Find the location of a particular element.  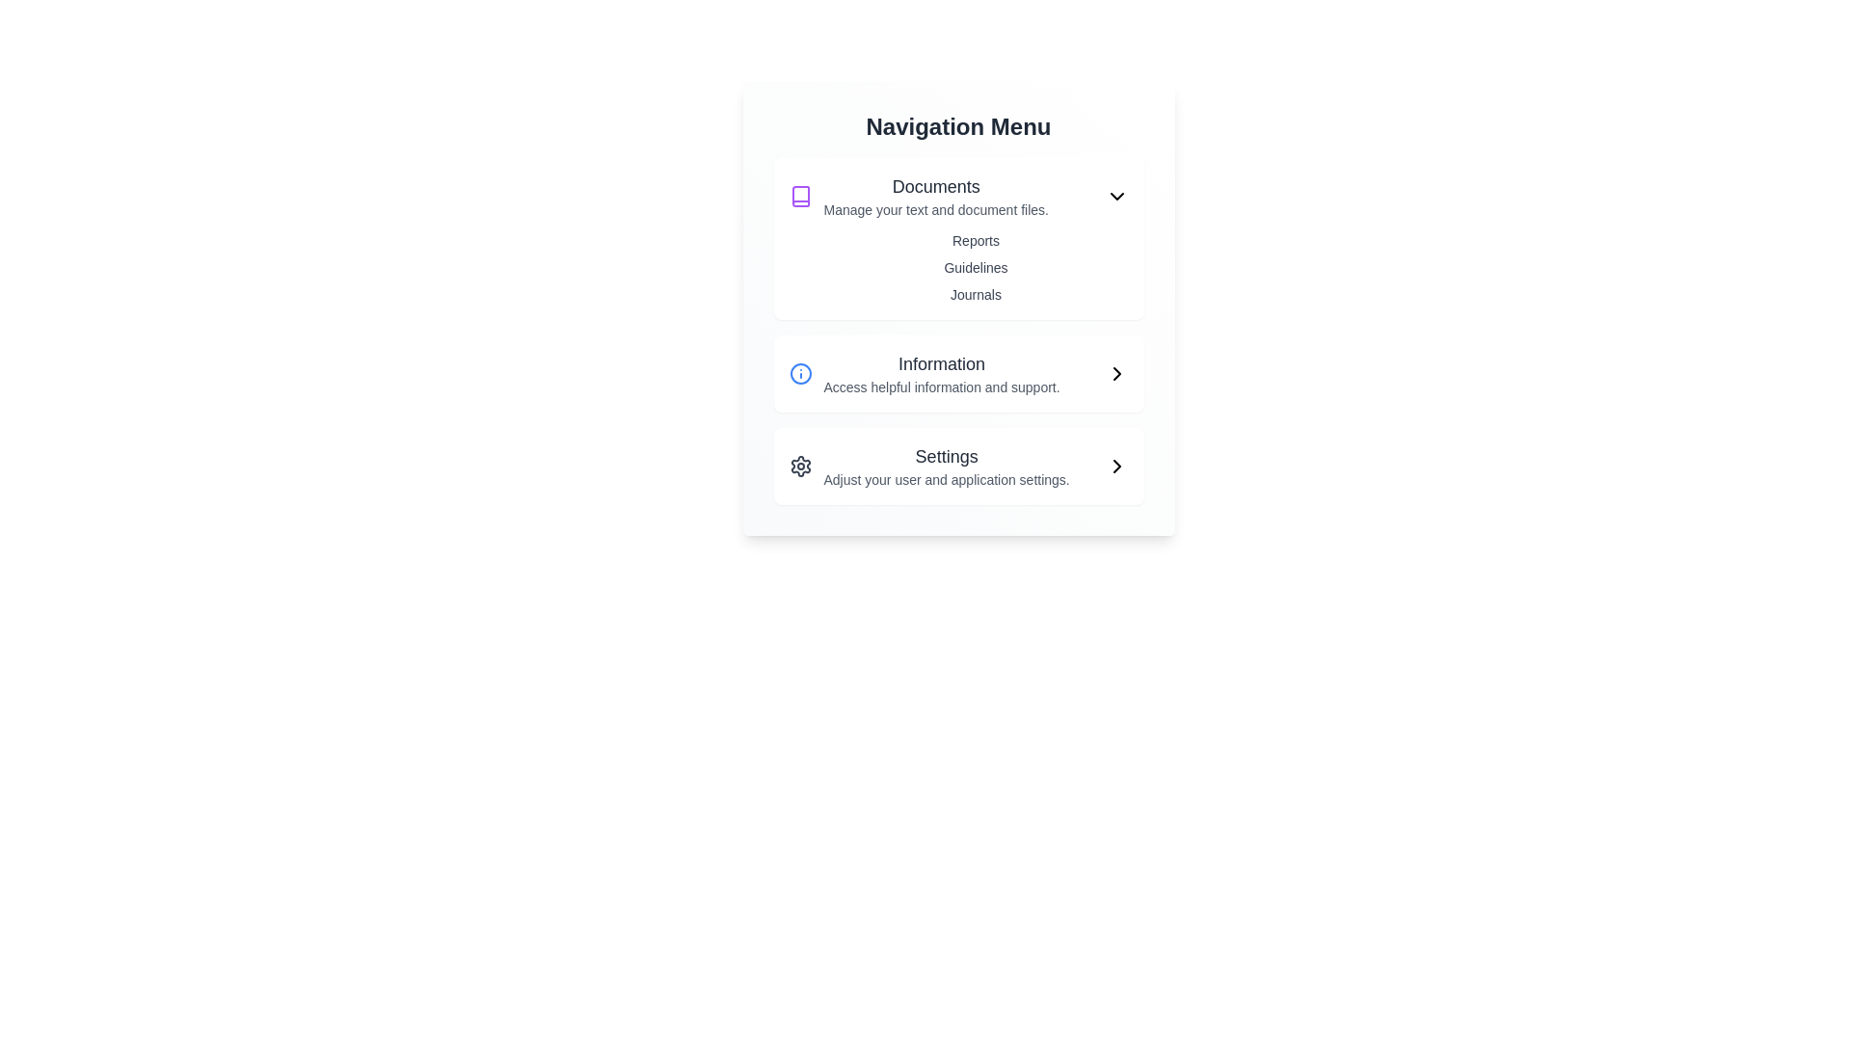

the navigation card located in the vertically stacked navigation menu, situated between the 'Documents' and 'Settings' sections is located at coordinates (958, 374).